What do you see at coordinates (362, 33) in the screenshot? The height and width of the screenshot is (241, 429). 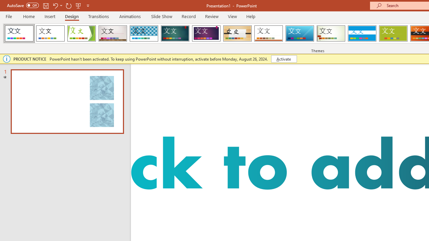 I see `'Banded'` at bounding box center [362, 33].